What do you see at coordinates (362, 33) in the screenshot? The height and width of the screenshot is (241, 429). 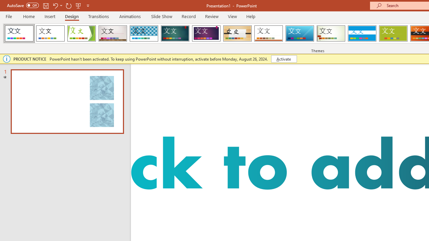 I see `'Banded'` at bounding box center [362, 33].